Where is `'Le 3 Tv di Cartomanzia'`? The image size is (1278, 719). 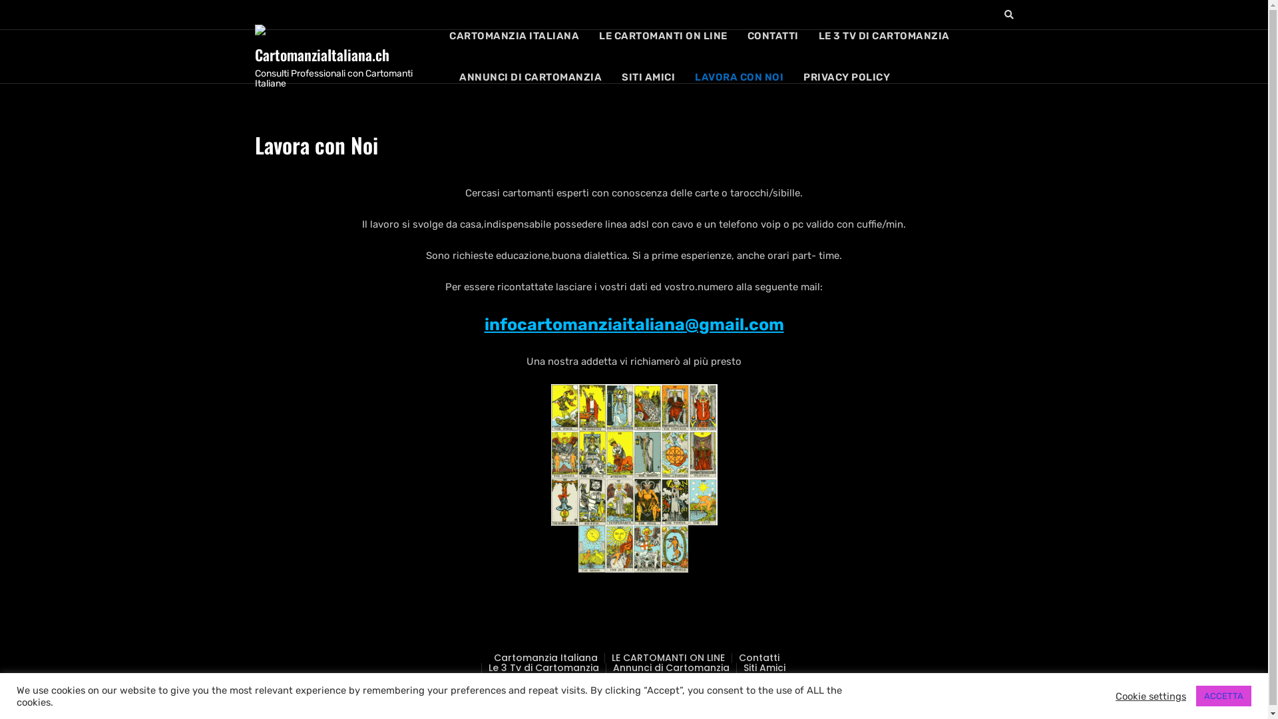 'Le 3 Tv di Cartomanzia' is located at coordinates (543, 667).